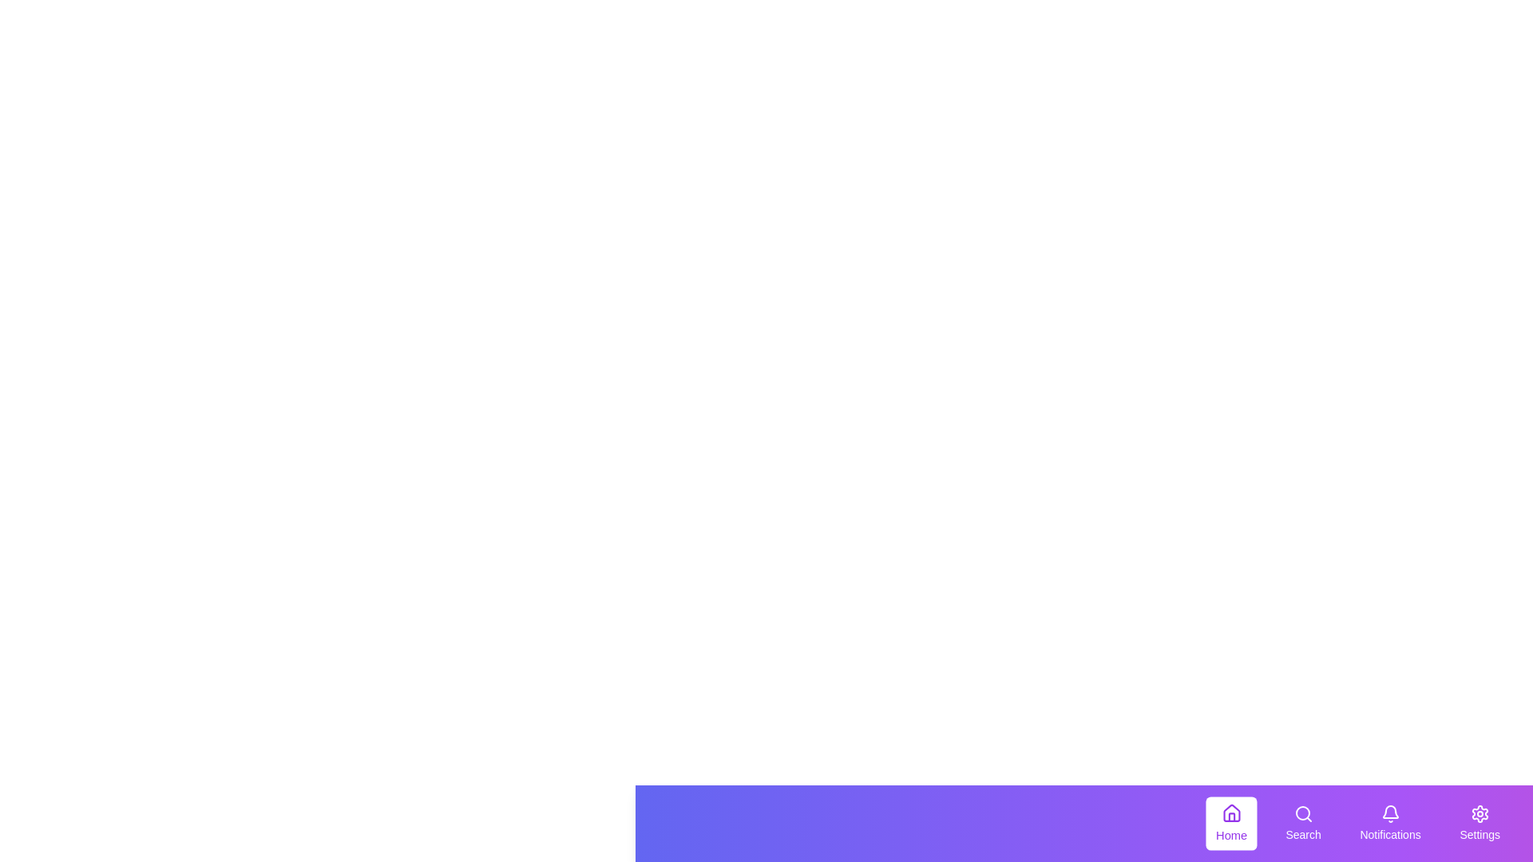  Describe the element at coordinates (1479, 824) in the screenshot. I see `the Settings tab to observe hover effects` at that location.